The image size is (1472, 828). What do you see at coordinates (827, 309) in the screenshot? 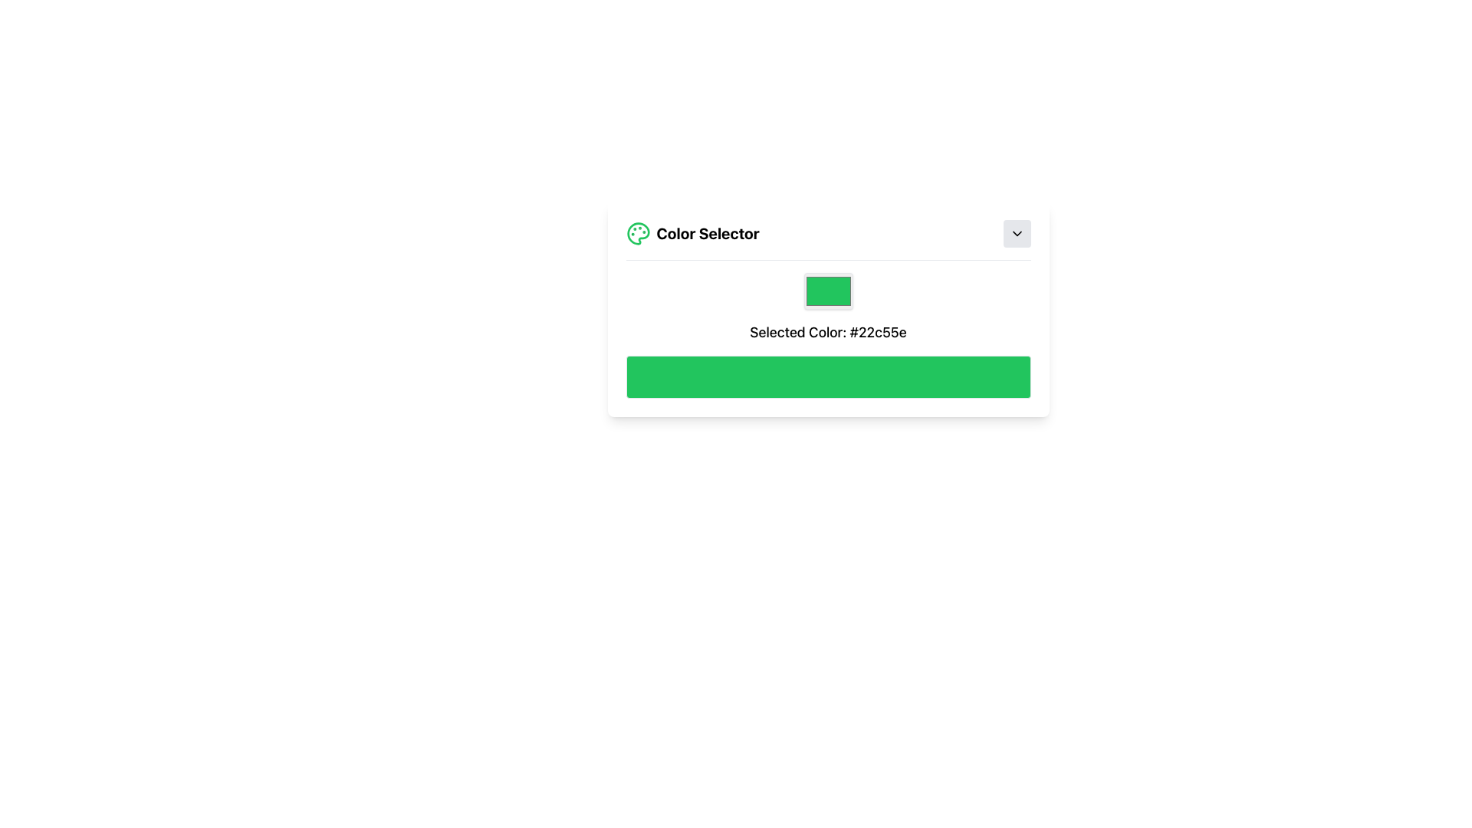
I see `the Color Display Rectangle, which has a green background and is located in the middle section of the color selector interface, above the text 'Selected Color: #22c55e'` at bounding box center [827, 309].